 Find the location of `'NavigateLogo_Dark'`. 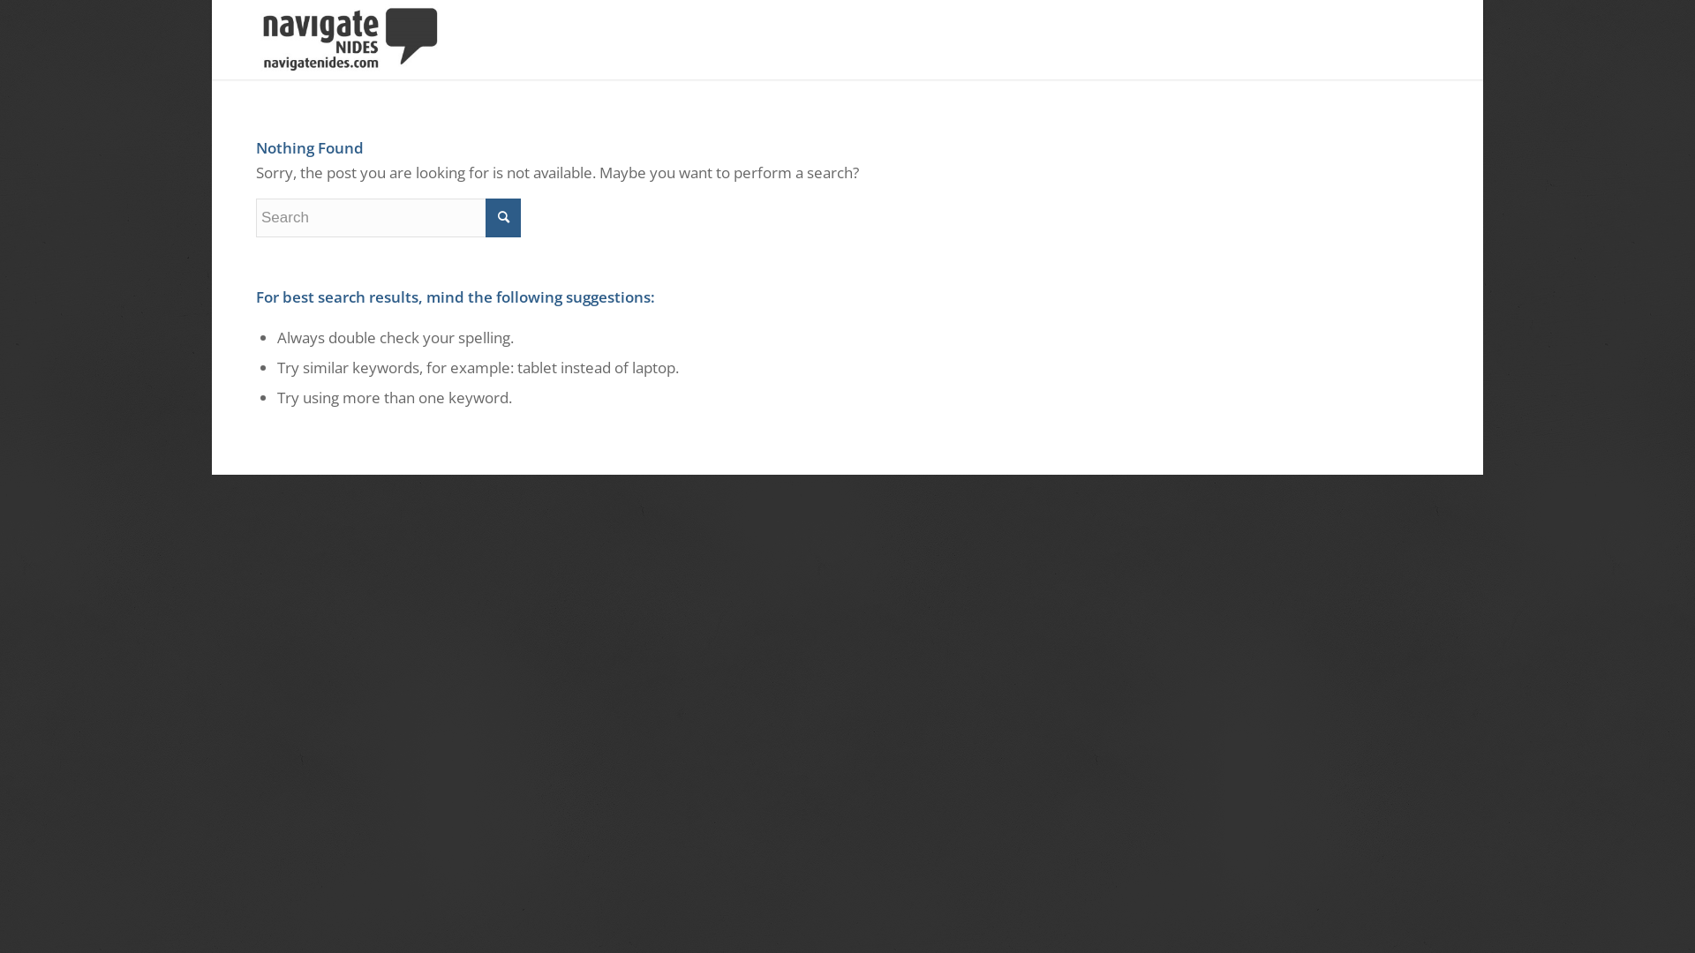

'NavigateLogo_Dark' is located at coordinates (350, 40).